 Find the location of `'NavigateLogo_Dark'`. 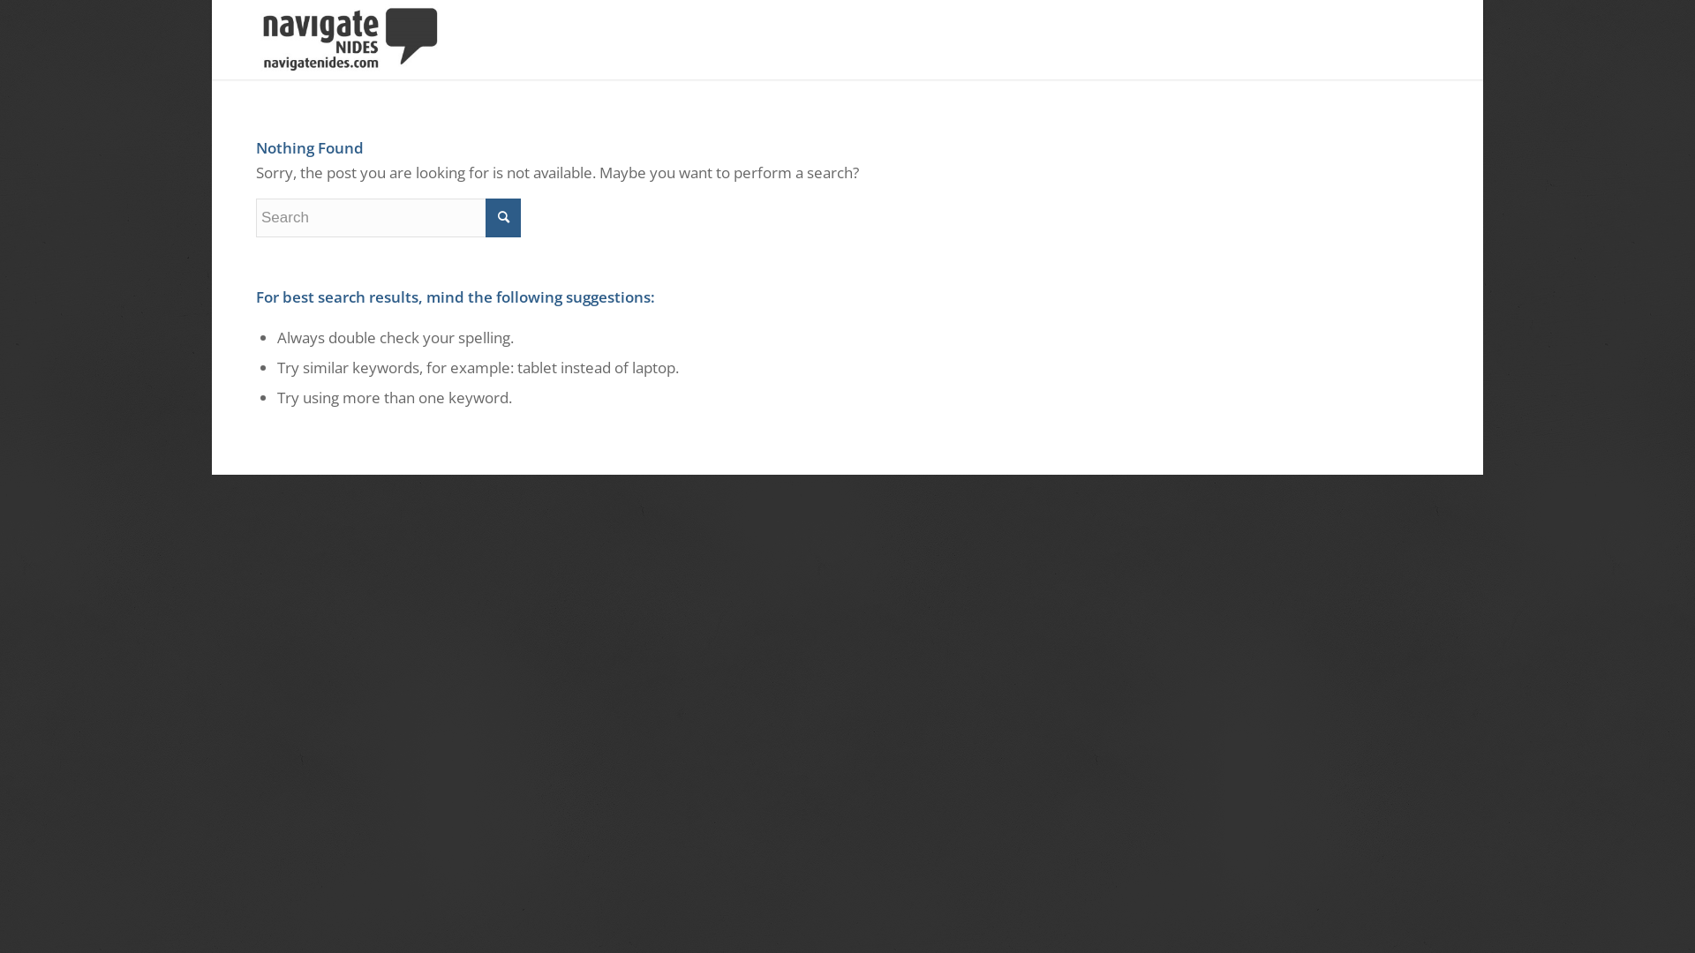

'NavigateLogo_Dark' is located at coordinates (350, 40).